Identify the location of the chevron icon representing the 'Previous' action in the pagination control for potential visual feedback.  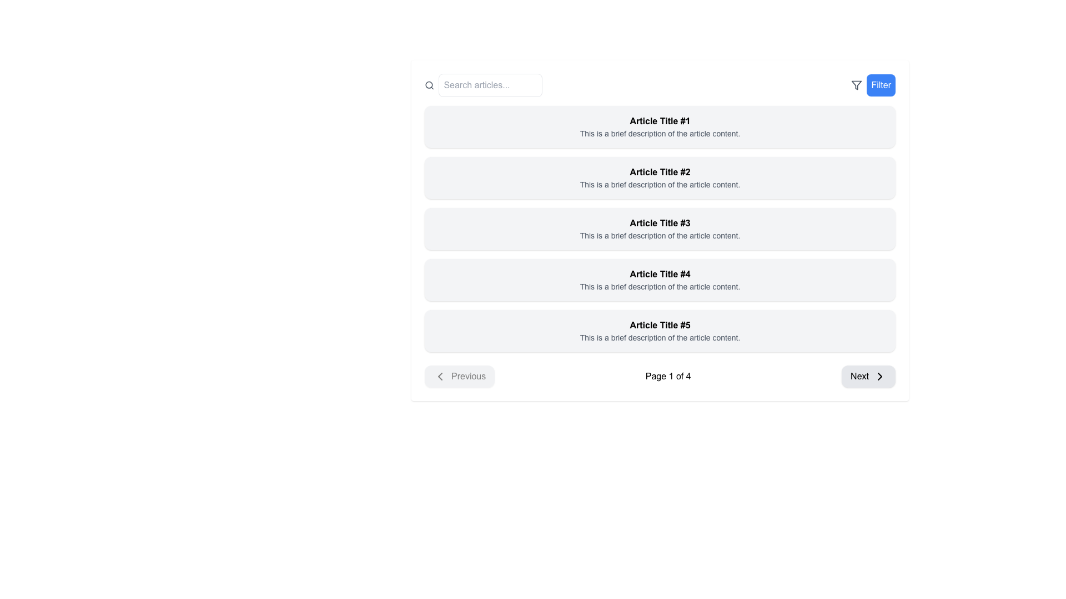
(439, 375).